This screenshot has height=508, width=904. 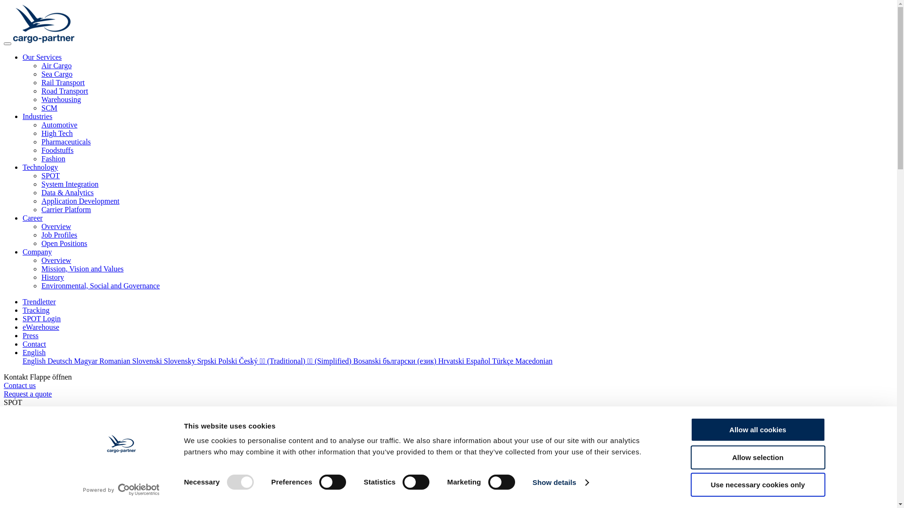 I want to click on 'Romanian', so click(x=115, y=360).